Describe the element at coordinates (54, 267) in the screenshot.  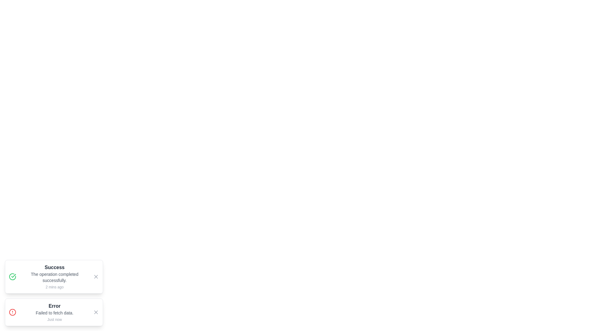
I see `the bold text label reading 'Success', which is styled in dark gray and positioned at the top of a rectangular card indicating a successful operation` at that location.